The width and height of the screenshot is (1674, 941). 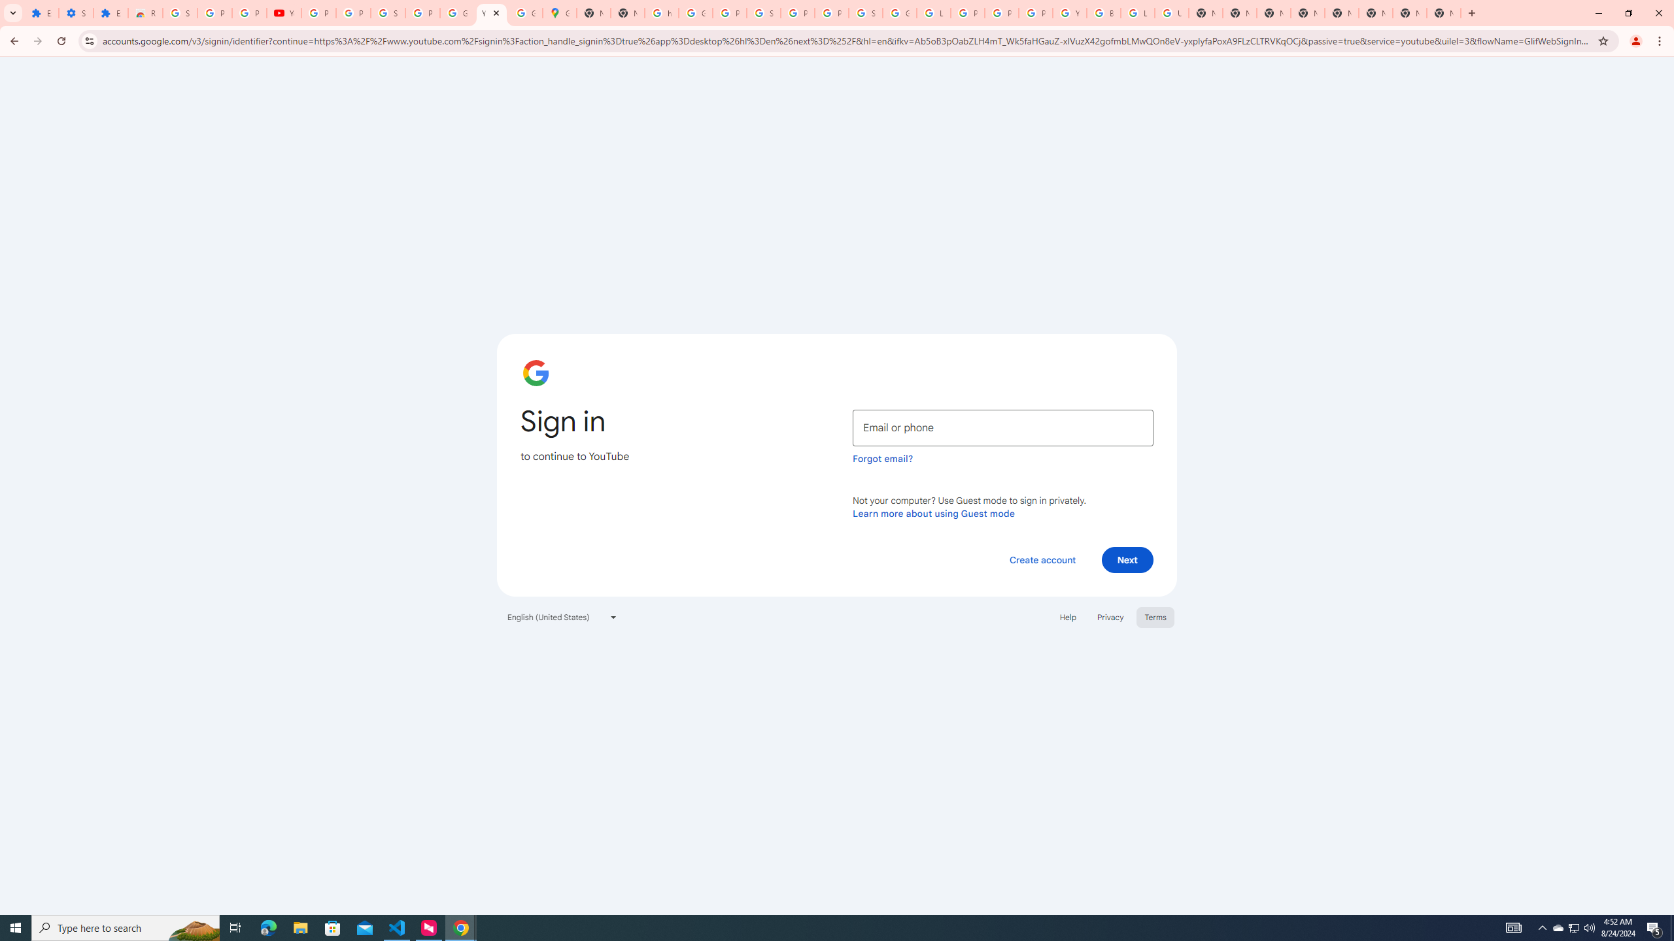 I want to click on 'Extensions', so click(x=42, y=12).